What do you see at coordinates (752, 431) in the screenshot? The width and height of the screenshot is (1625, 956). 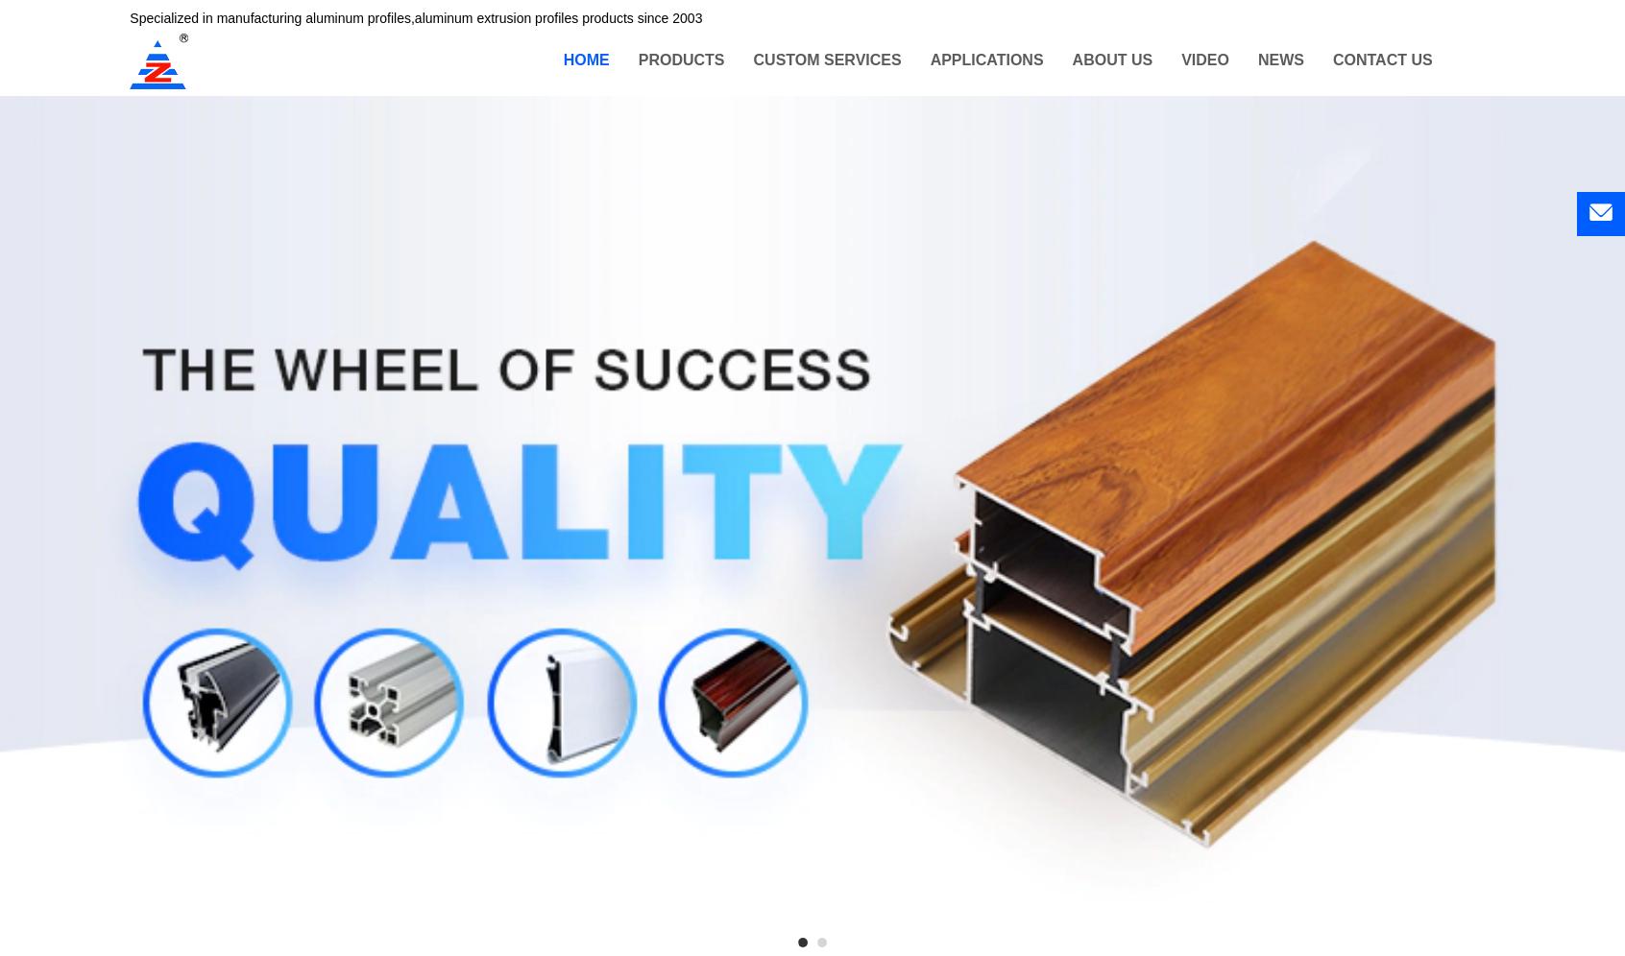 I see `'Aluminum Profile for Roller Shutter'` at bounding box center [752, 431].